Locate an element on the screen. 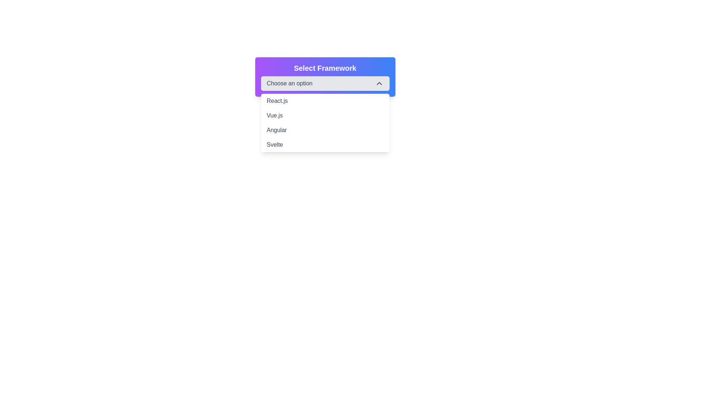 The height and width of the screenshot is (394, 701). the Dropdown menu labeled 'Select Framework' which contains the text 'Choose an option' and is identifiable by its gradient background and downward-facing triangle icon is located at coordinates (325, 77).